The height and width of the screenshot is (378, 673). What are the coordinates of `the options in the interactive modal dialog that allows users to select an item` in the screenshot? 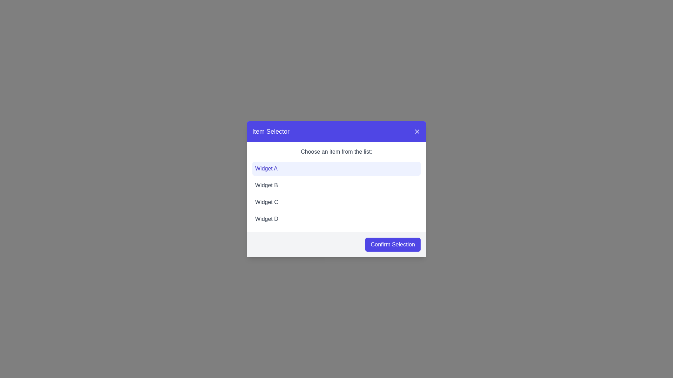 It's located at (336, 189).